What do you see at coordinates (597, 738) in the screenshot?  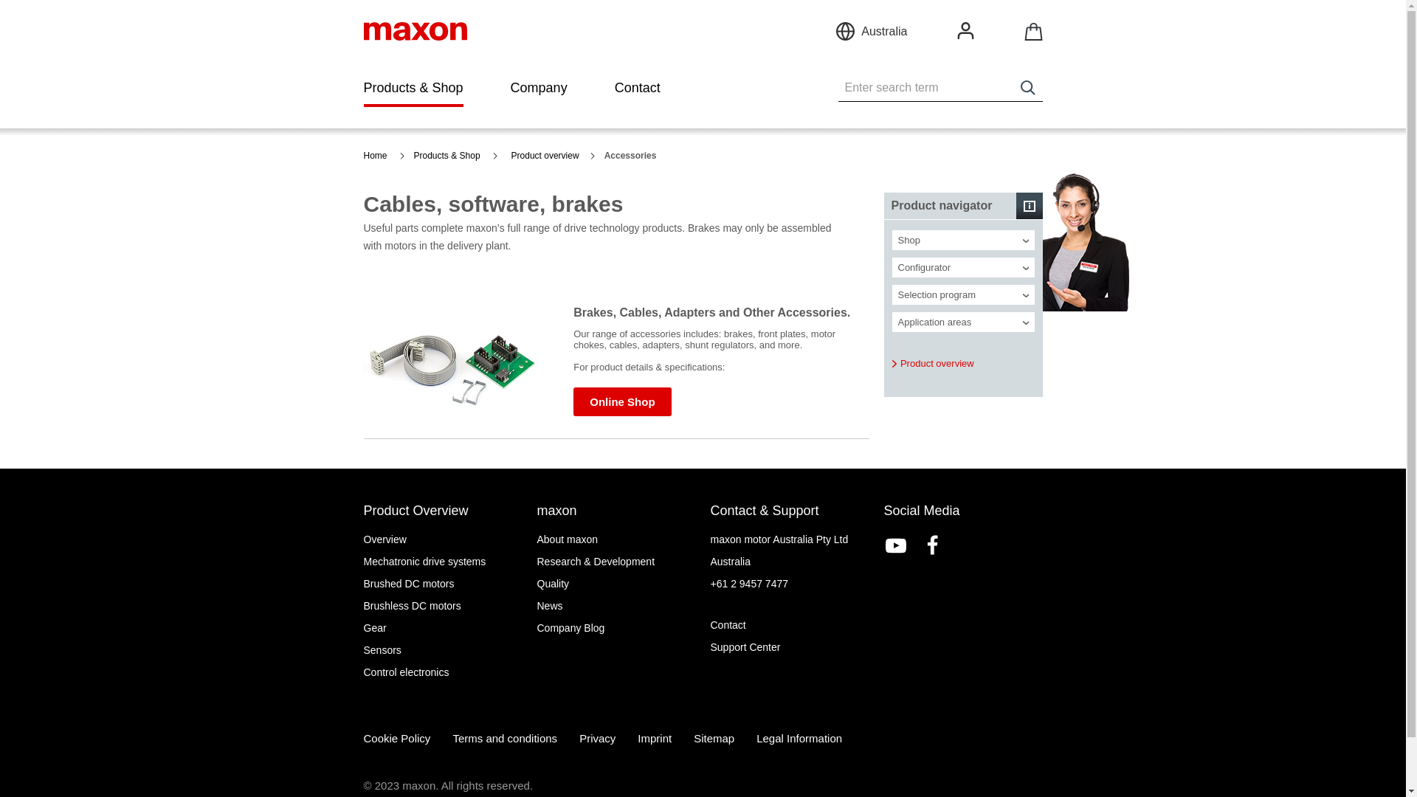 I see `'Privacy'` at bounding box center [597, 738].